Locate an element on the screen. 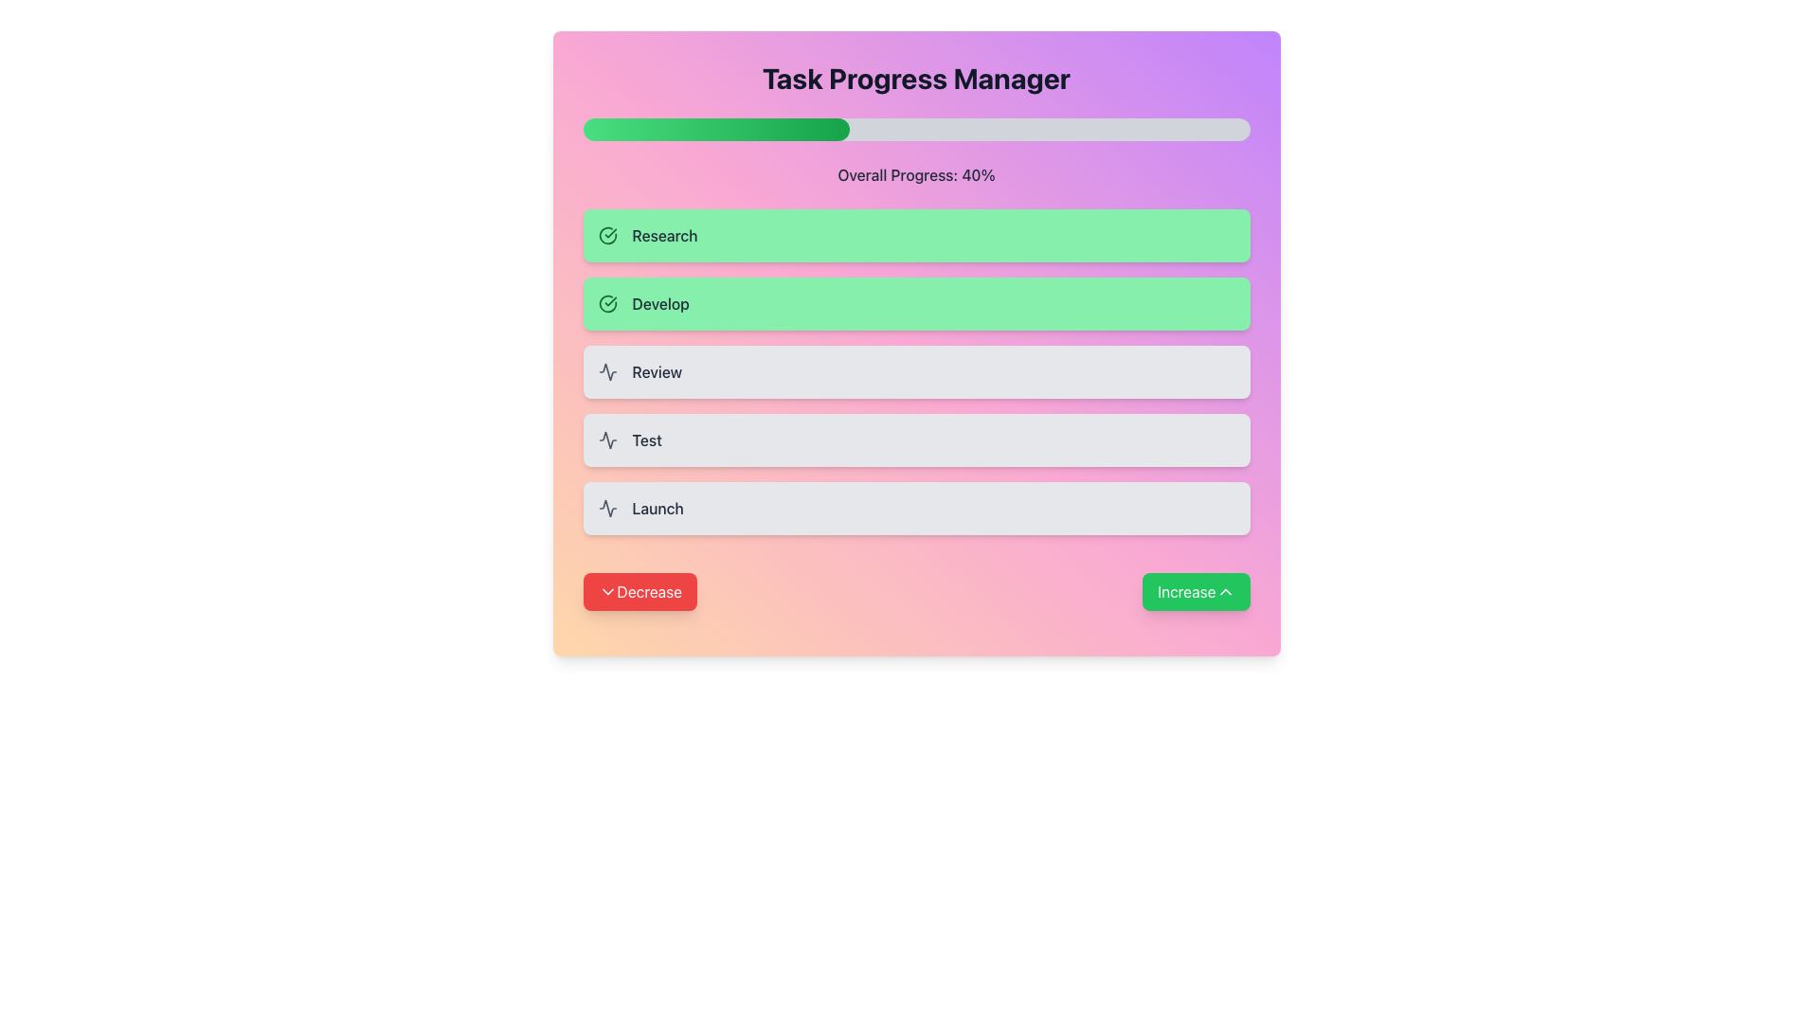 The image size is (1819, 1023). the text label that indicates a task or category name, positioned between 'Review' and 'Launch' in a vertical list is located at coordinates (647, 440).